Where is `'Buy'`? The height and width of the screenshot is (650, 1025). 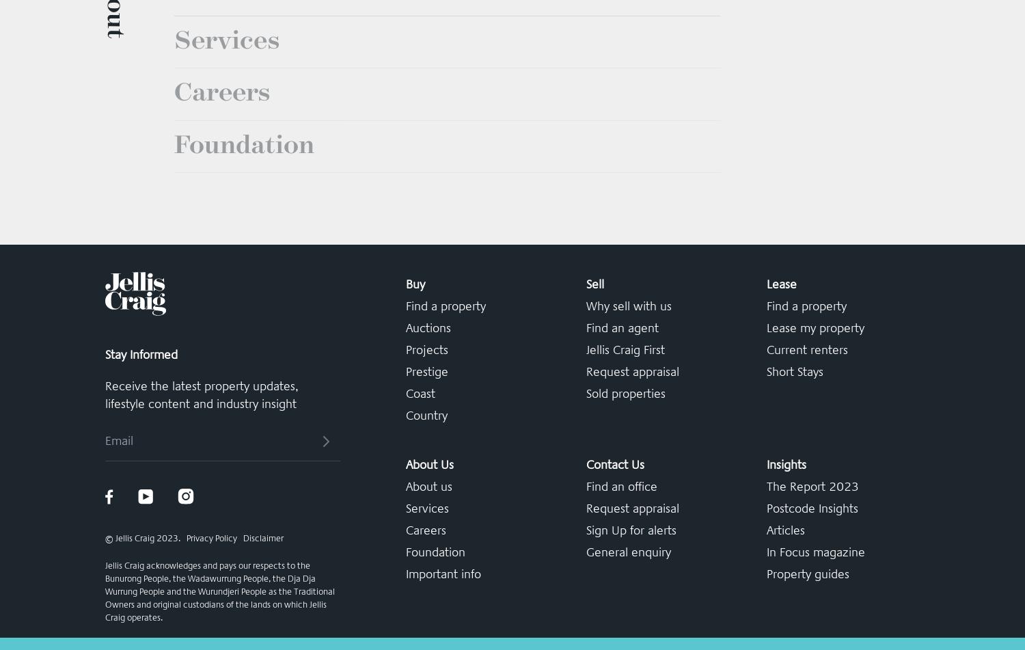 'Buy' is located at coordinates (414, 495).